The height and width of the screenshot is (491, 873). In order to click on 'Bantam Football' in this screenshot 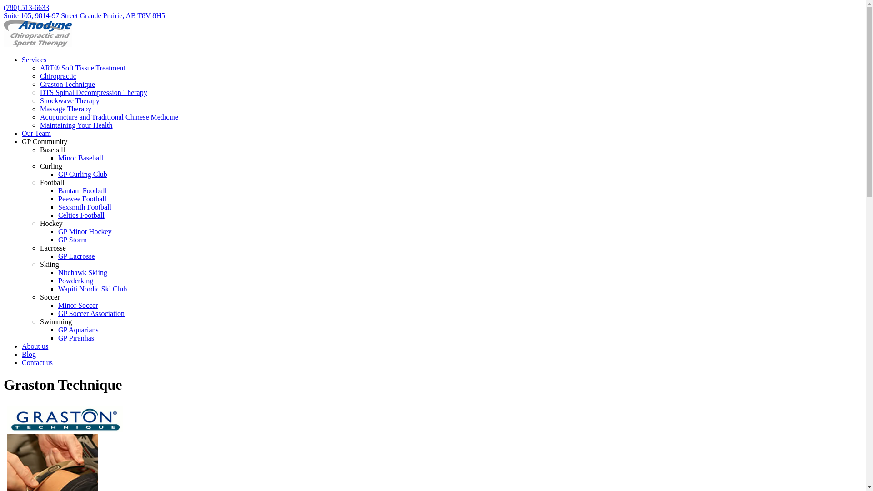, I will do `click(58, 190)`.